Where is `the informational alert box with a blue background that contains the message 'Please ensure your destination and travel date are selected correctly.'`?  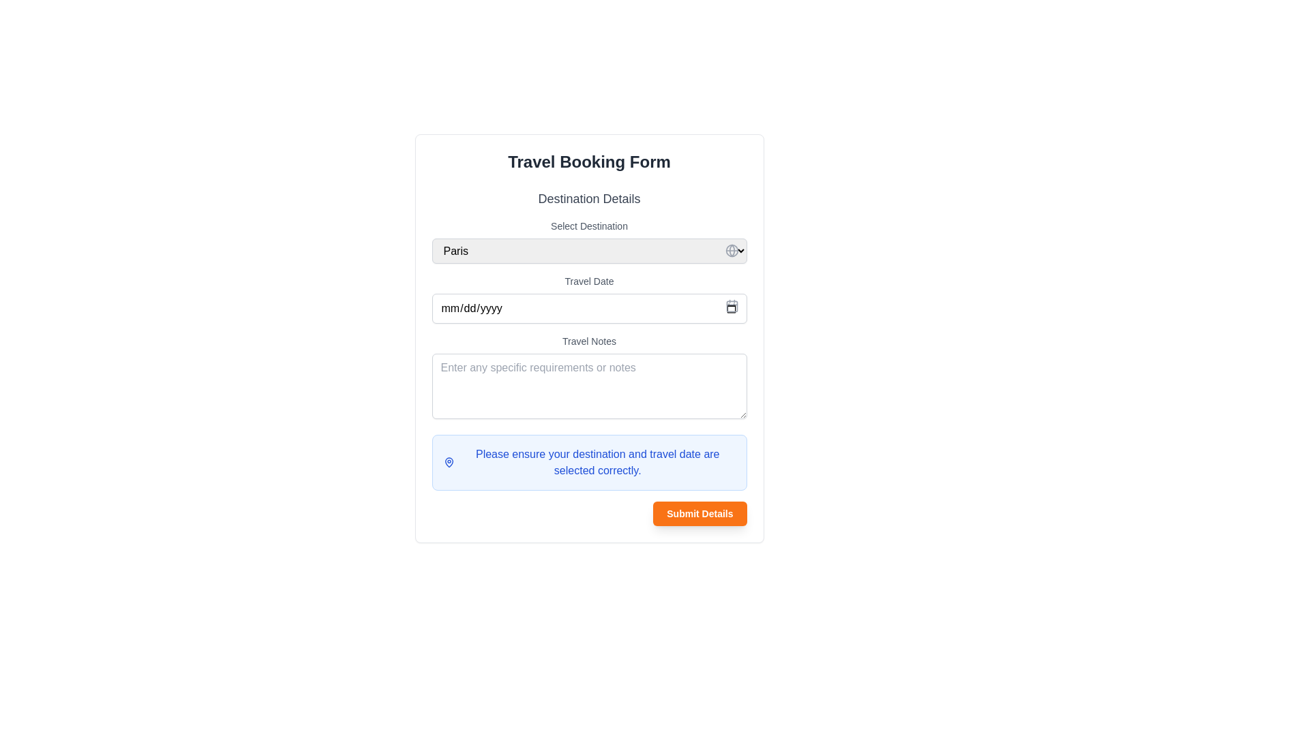
the informational alert box with a blue background that contains the message 'Please ensure your destination and travel date are selected correctly.' is located at coordinates (589, 461).